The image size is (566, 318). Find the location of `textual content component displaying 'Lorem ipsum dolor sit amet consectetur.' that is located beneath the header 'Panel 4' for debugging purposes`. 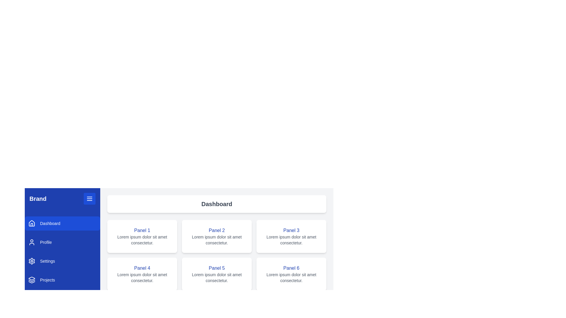

textual content component displaying 'Lorem ipsum dolor sit amet consectetur.' that is located beneath the header 'Panel 4' for debugging purposes is located at coordinates (142, 277).